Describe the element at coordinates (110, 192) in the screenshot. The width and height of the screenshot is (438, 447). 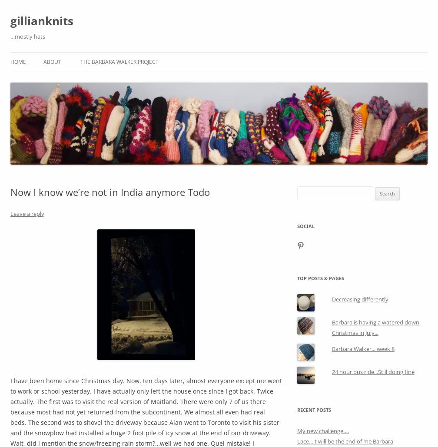
I see `'Now I know we’re not in India anymore Todo'` at that location.